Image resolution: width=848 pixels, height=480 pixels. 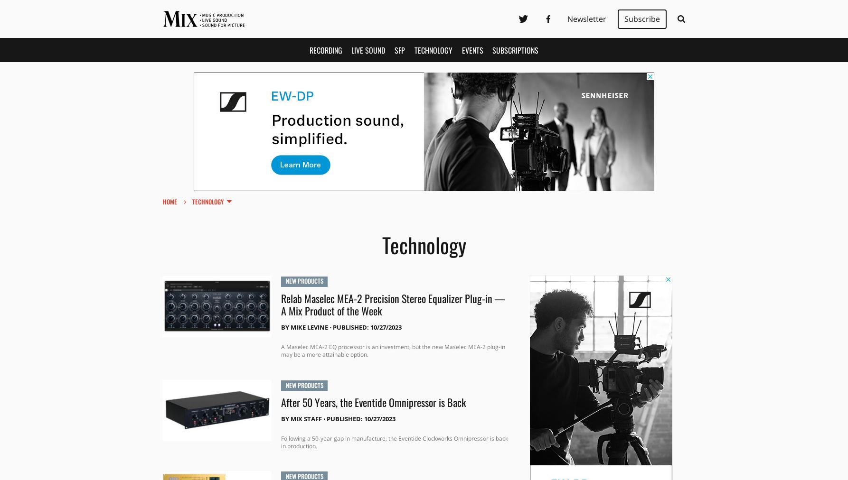 I want to click on 'After 50 Years, the Eventide Omnipressor is Back', so click(x=372, y=401).